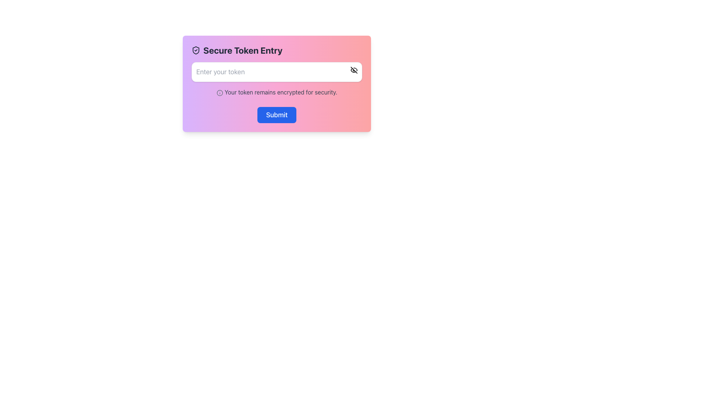 Image resolution: width=706 pixels, height=397 pixels. I want to click on the informational icon located to the left of the text 'Your token remains encrypted for security.', so click(219, 92).